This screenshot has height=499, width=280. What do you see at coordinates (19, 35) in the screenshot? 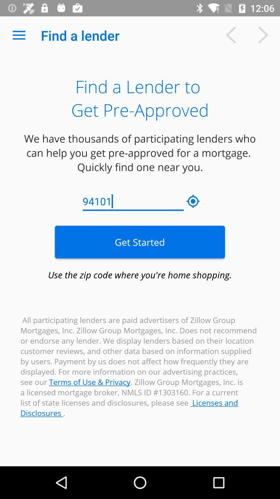
I see `the app next to find a lender icon` at bounding box center [19, 35].